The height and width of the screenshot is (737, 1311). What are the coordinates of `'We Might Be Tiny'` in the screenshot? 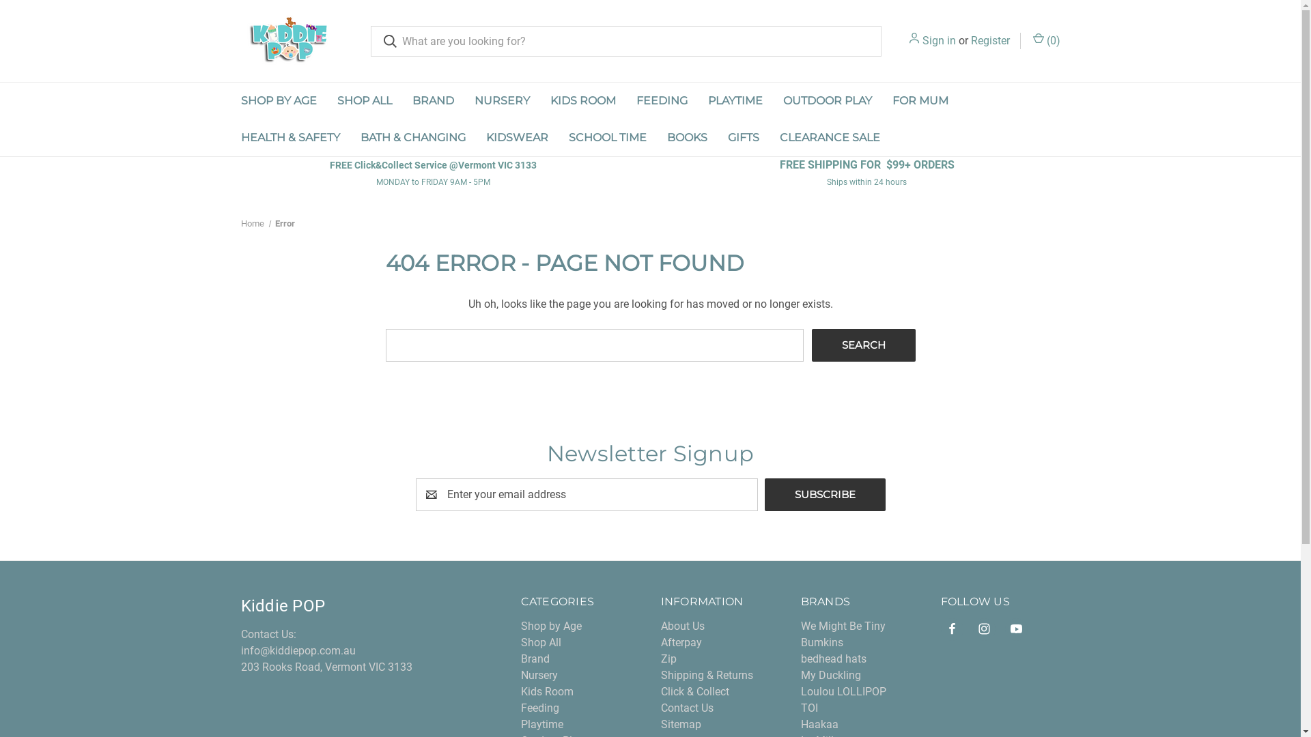 It's located at (842, 626).